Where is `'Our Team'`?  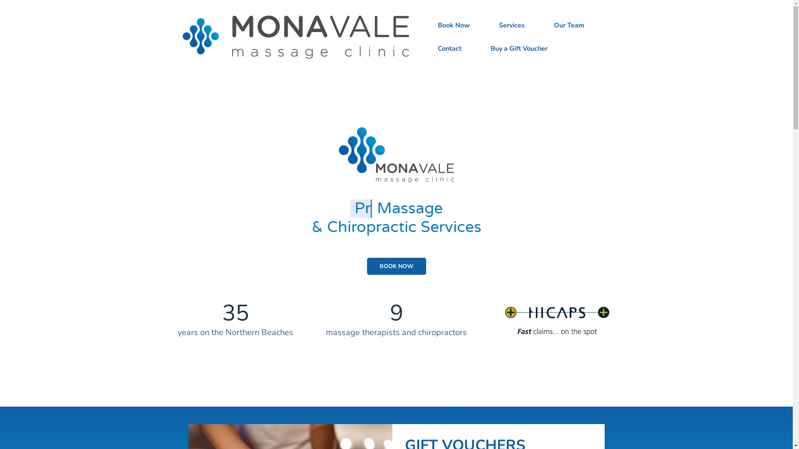 'Our Team' is located at coordinates (568, 25).